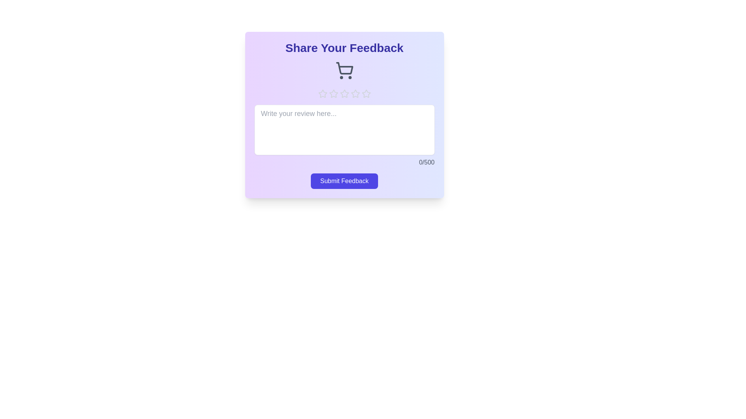 The image size is (746, 419). I want to click on the shopping cart icon in the center of the panel, so click(344, 70).